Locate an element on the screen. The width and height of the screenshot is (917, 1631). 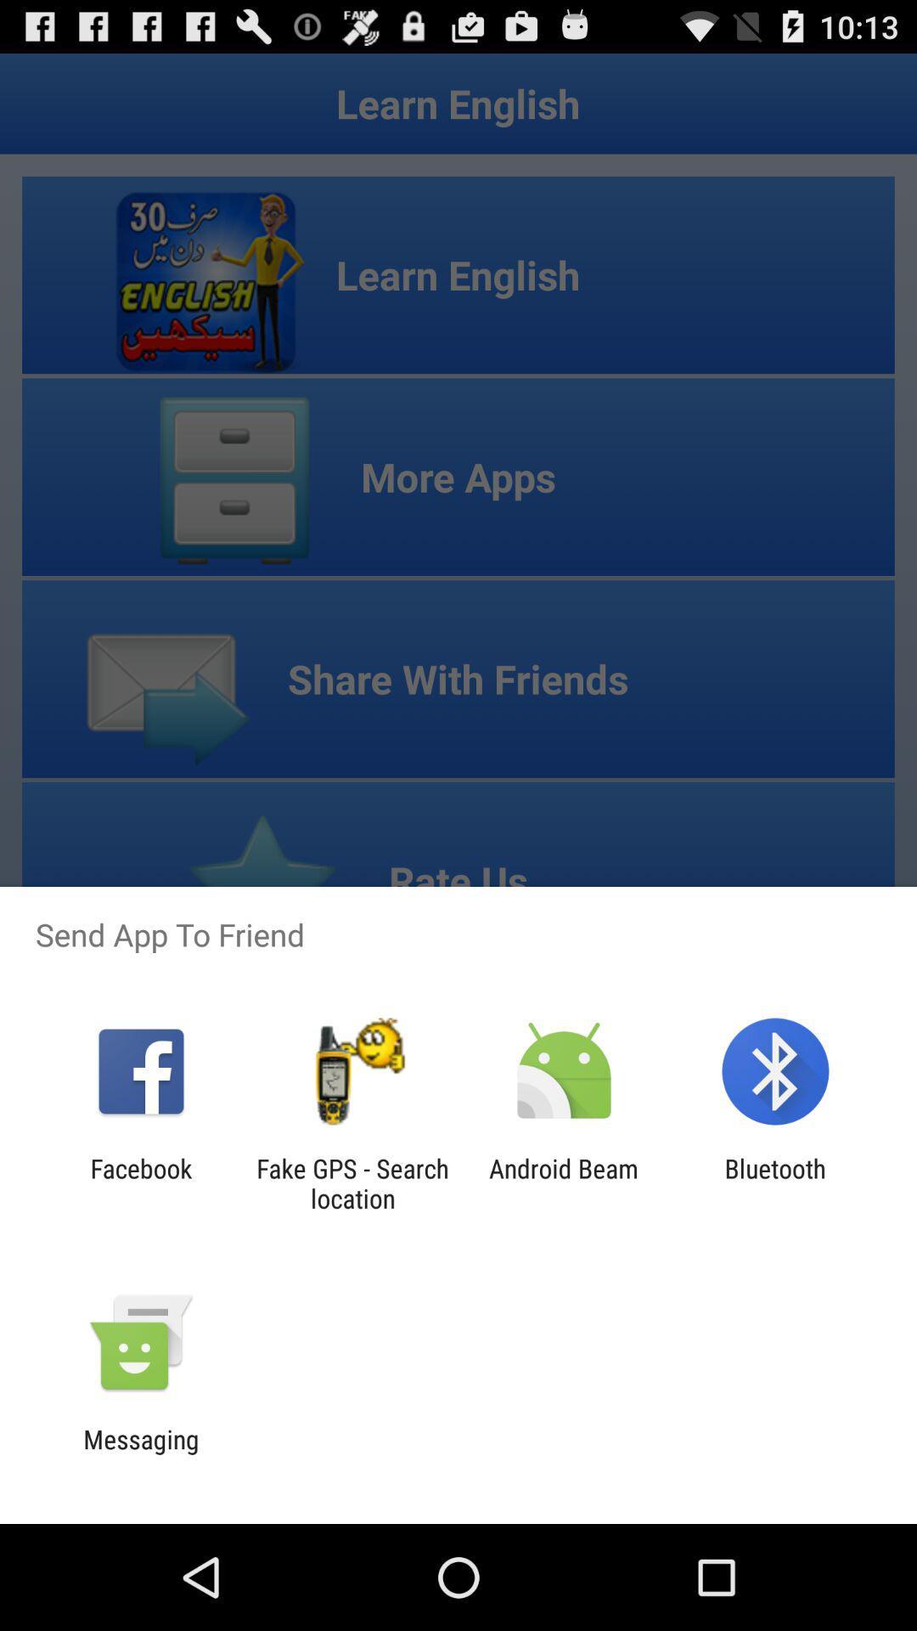
messaging item is located at coordinates (140, 1453).